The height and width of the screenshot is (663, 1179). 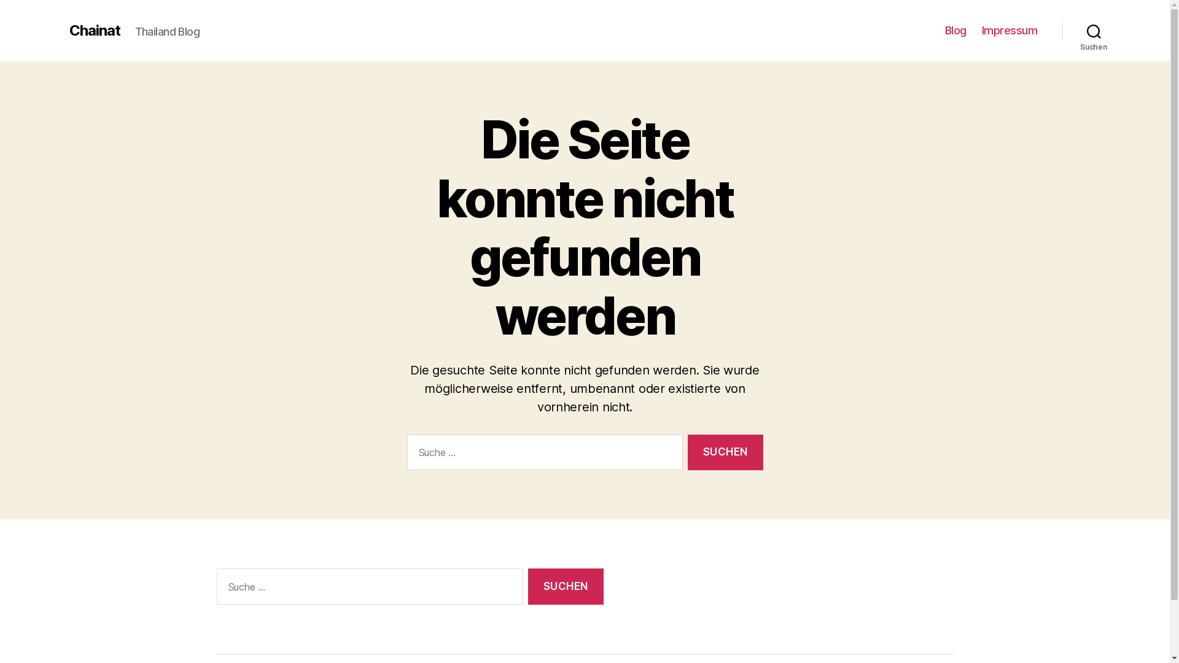 I want to click on 'Impressum', so click(x=981, y=30).